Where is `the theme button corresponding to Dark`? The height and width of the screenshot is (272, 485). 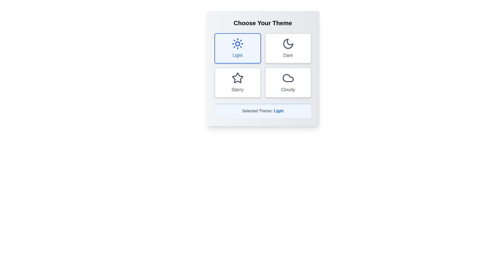
the theme button corresponding to Dark is located at coordinates (288, 48).